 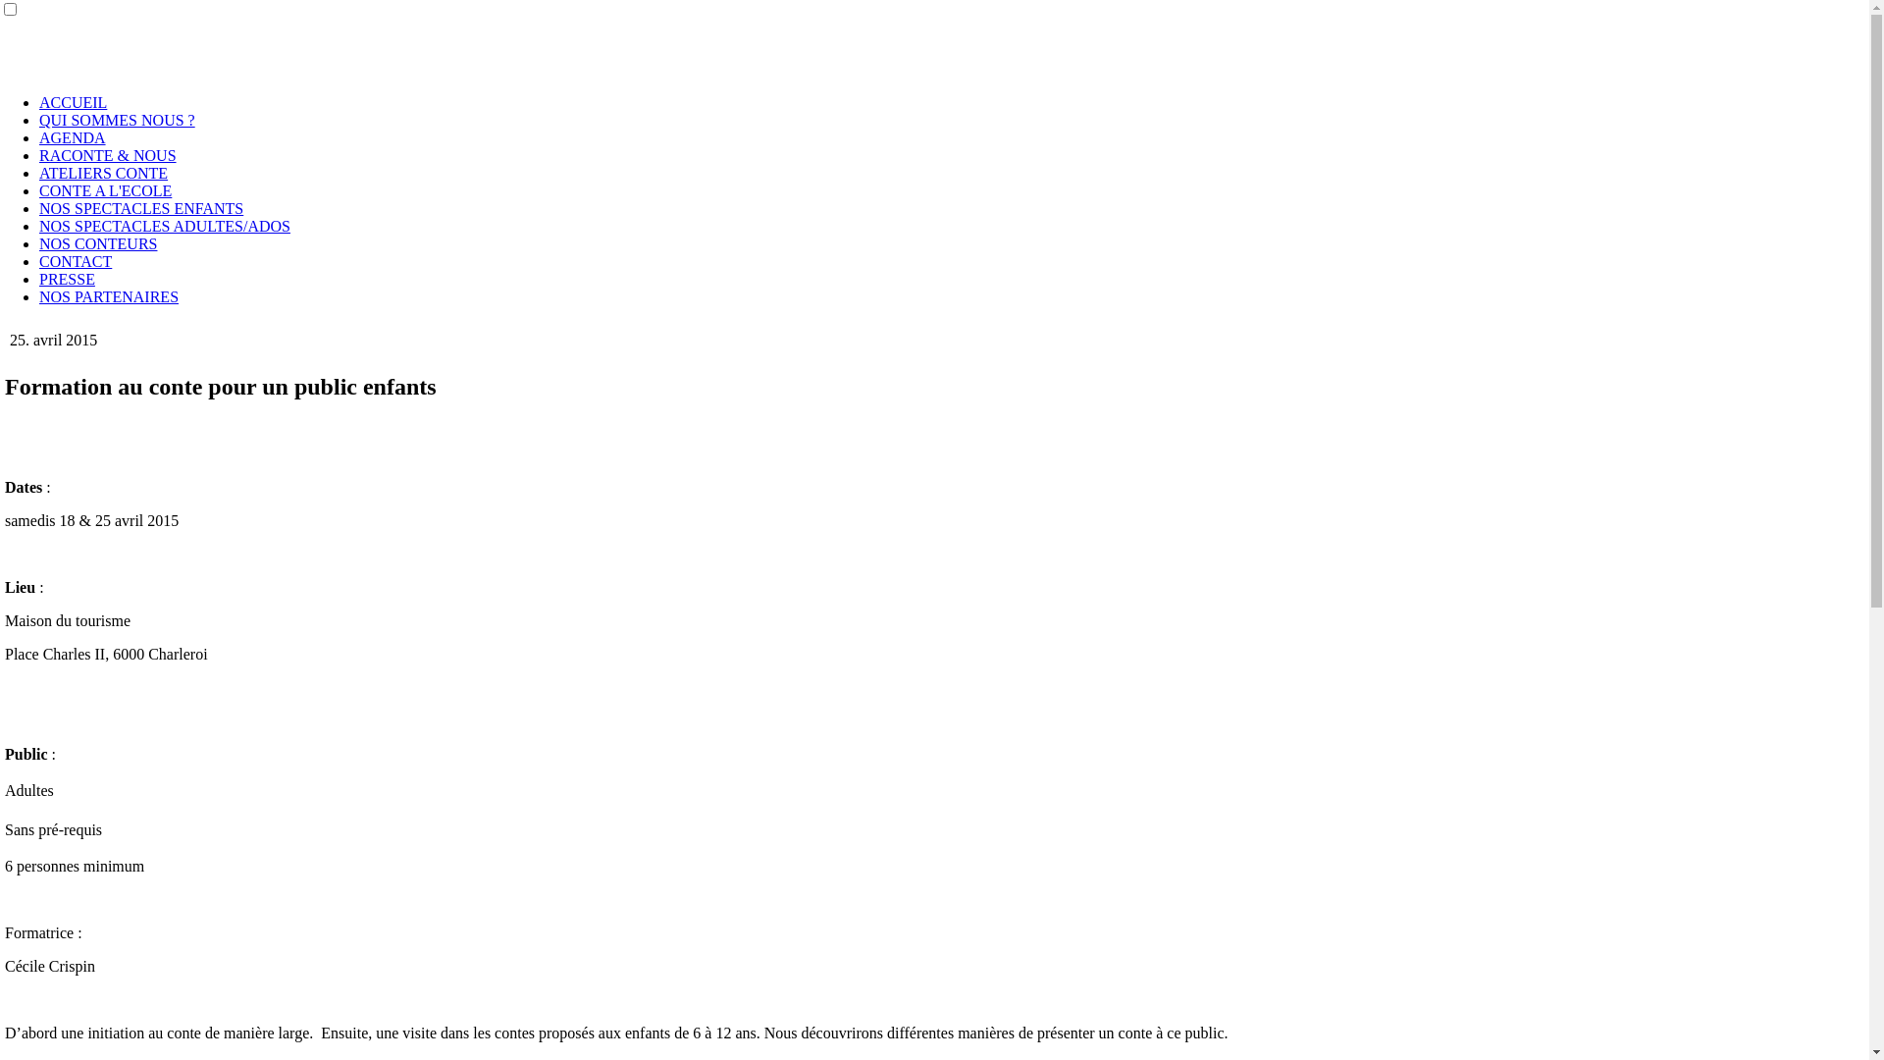 What do you see at coordinates (38, 296) in the screenshot?
I see `'NOS PARTENAIRES'` at bounding box center [38, 296].